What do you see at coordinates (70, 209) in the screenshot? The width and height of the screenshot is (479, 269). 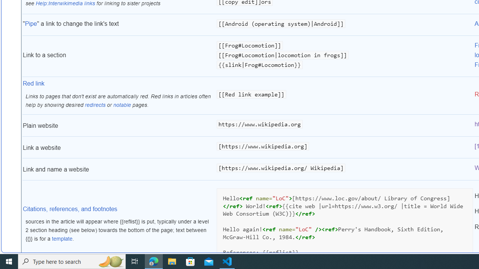 I see `'Citations, references, and footnotes'` at bounding box center [70, 209].